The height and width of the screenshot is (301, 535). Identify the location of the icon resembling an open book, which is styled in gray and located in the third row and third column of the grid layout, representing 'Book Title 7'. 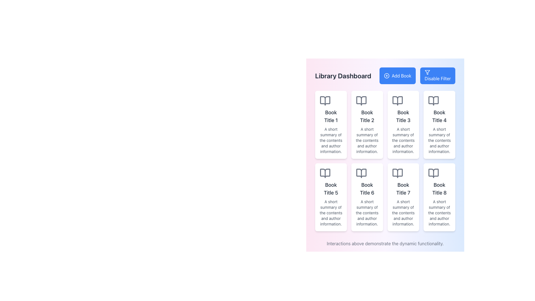
(397, 173).